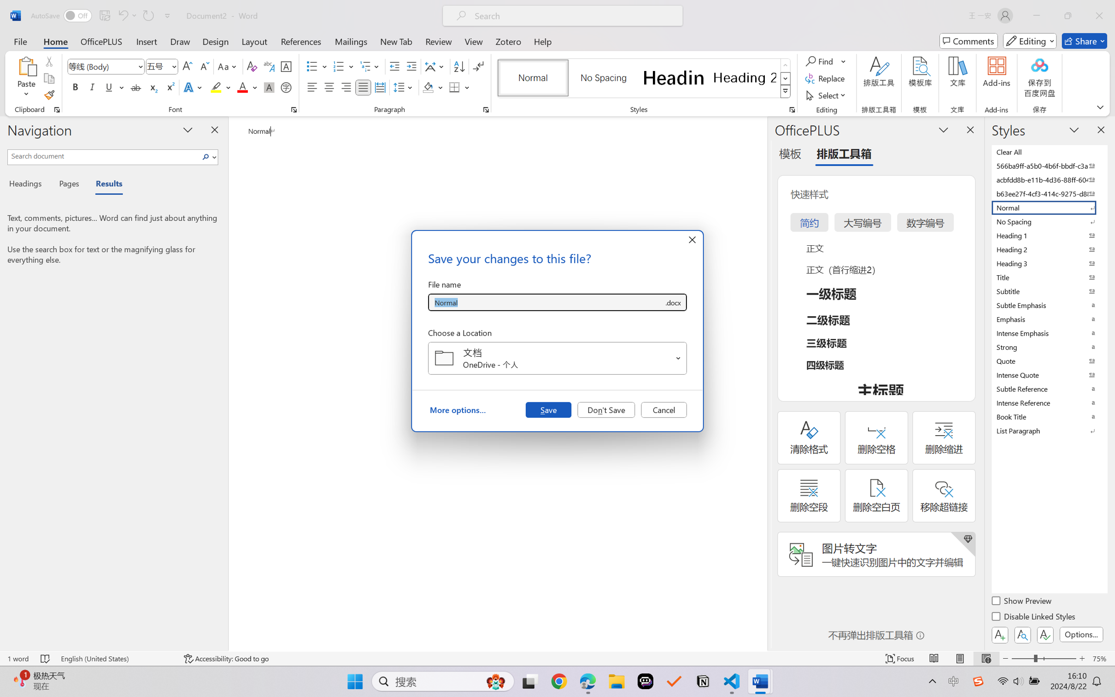 This screenshot has height=697, width=1115. What do you see at coordinates (301, 41) in the screenshot?
I see `'References'` at bounding box center [301, 41].